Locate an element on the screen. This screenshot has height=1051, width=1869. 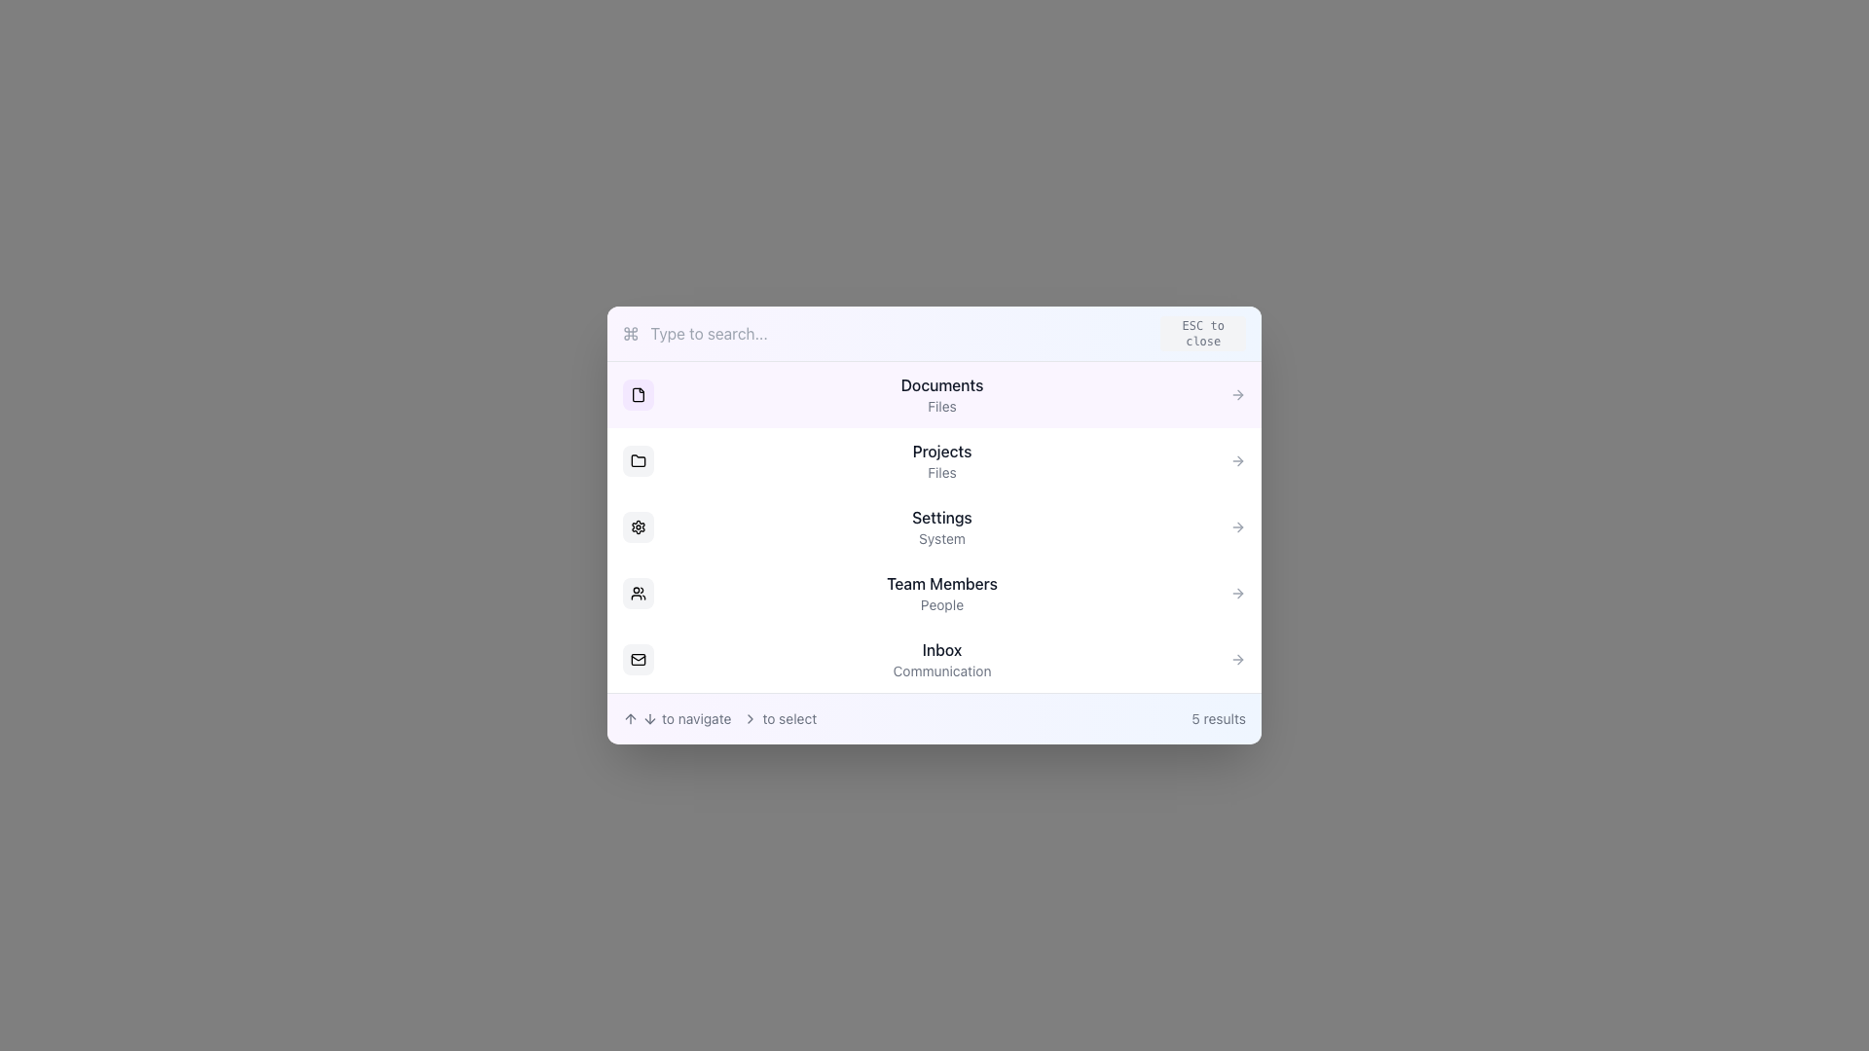
the arrow graphic shape SVG icon located on the right side of the 'Documents' label is located at coordinates (1239, 394).